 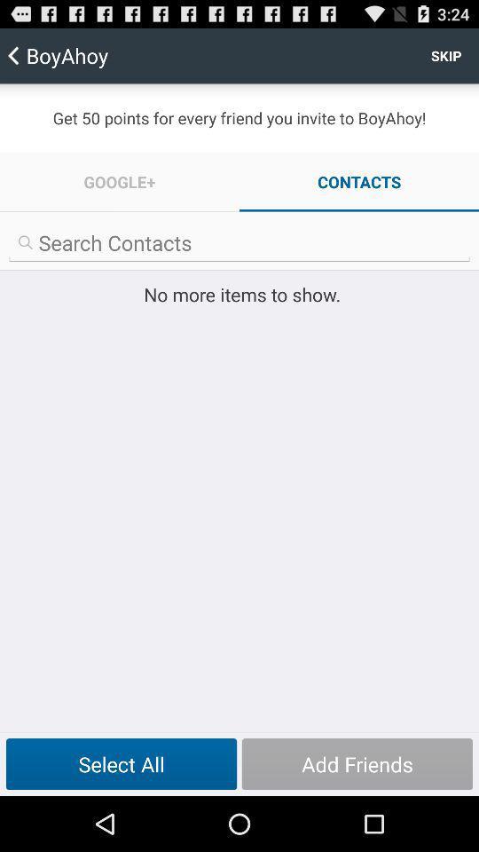 I want to click on the icon below the get 50 points app, so click(x=120, y=182).